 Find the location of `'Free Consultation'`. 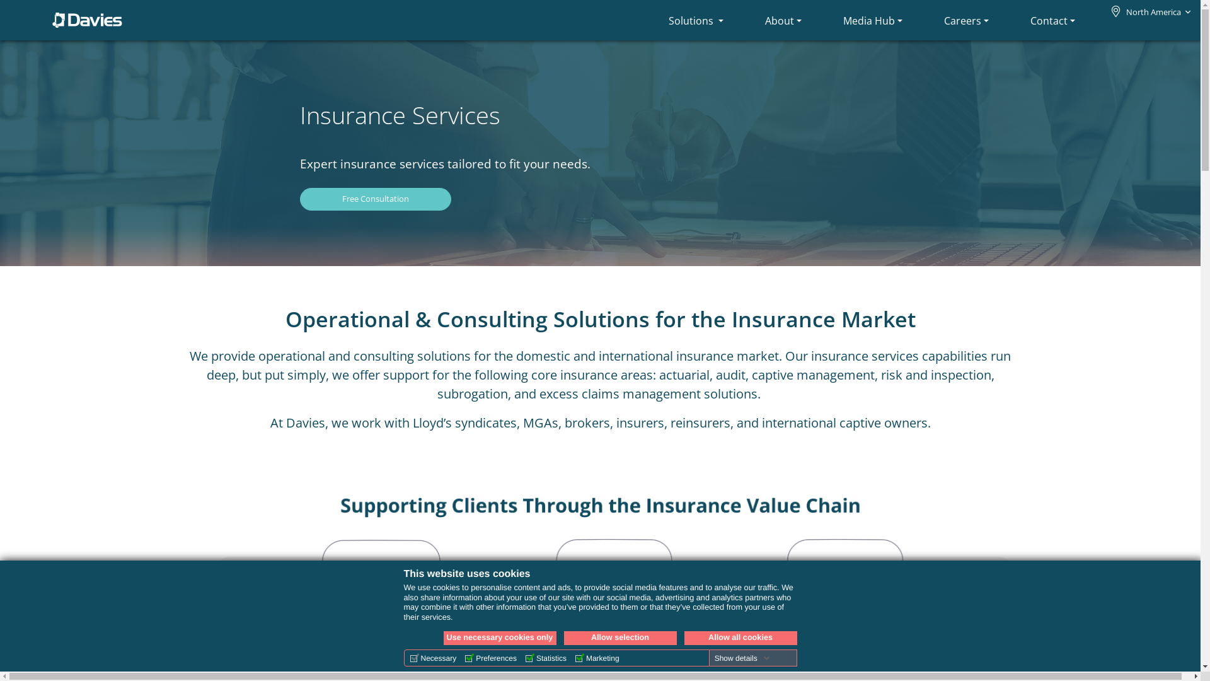

'Free Consultation' is located at coordinates (374, 199).